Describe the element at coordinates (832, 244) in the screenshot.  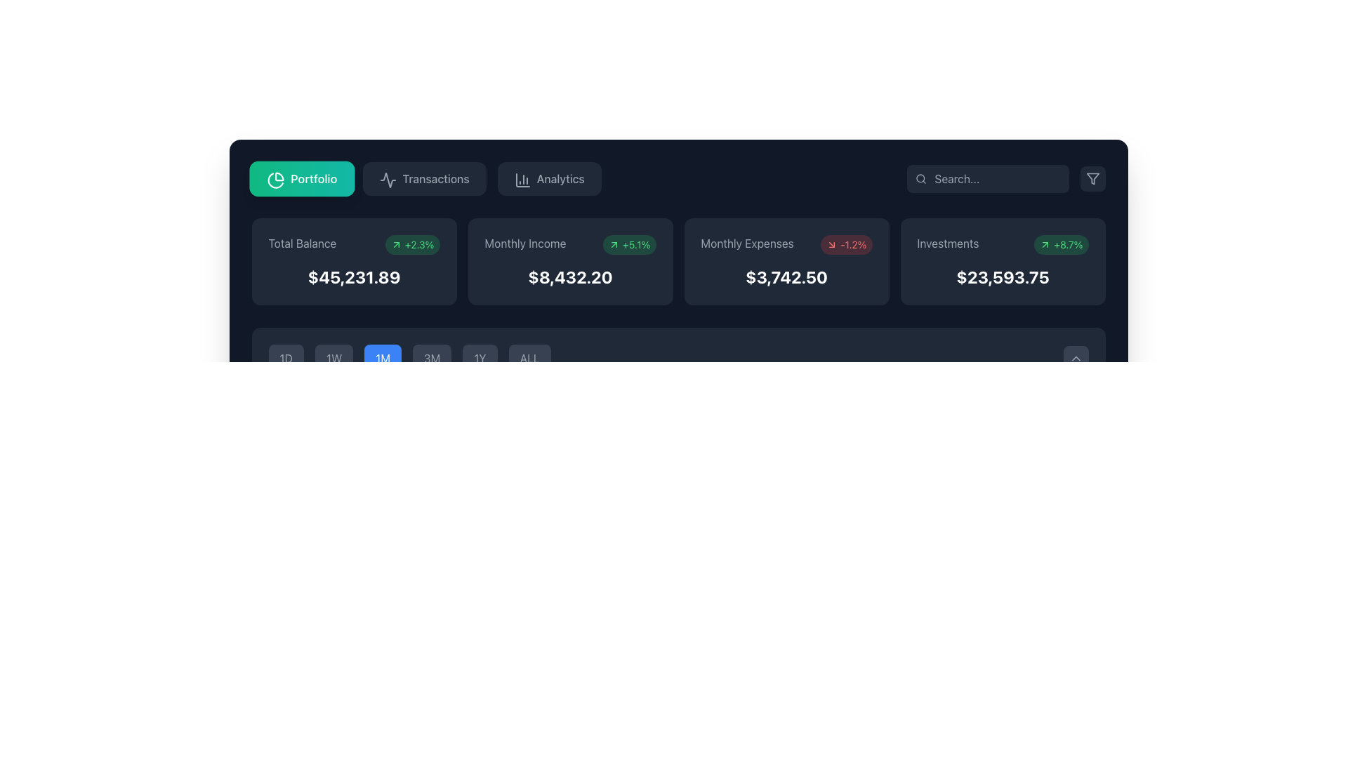
I see `the arrow-down-right icon located to the left of the percentage value '-1.2%' in the red-highlighted area of the 'Monthly Expenses' panel` at that location.